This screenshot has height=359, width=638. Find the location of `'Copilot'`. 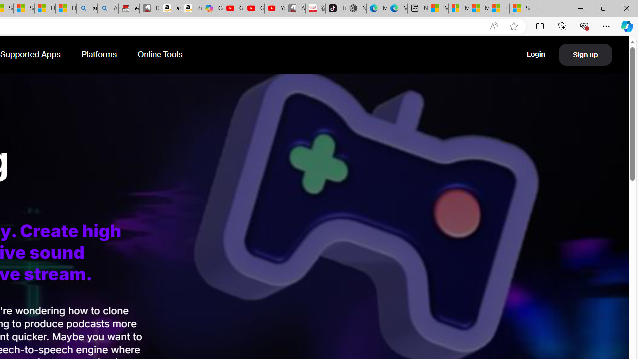

'Copilot' is located at coordinates (212, 8).